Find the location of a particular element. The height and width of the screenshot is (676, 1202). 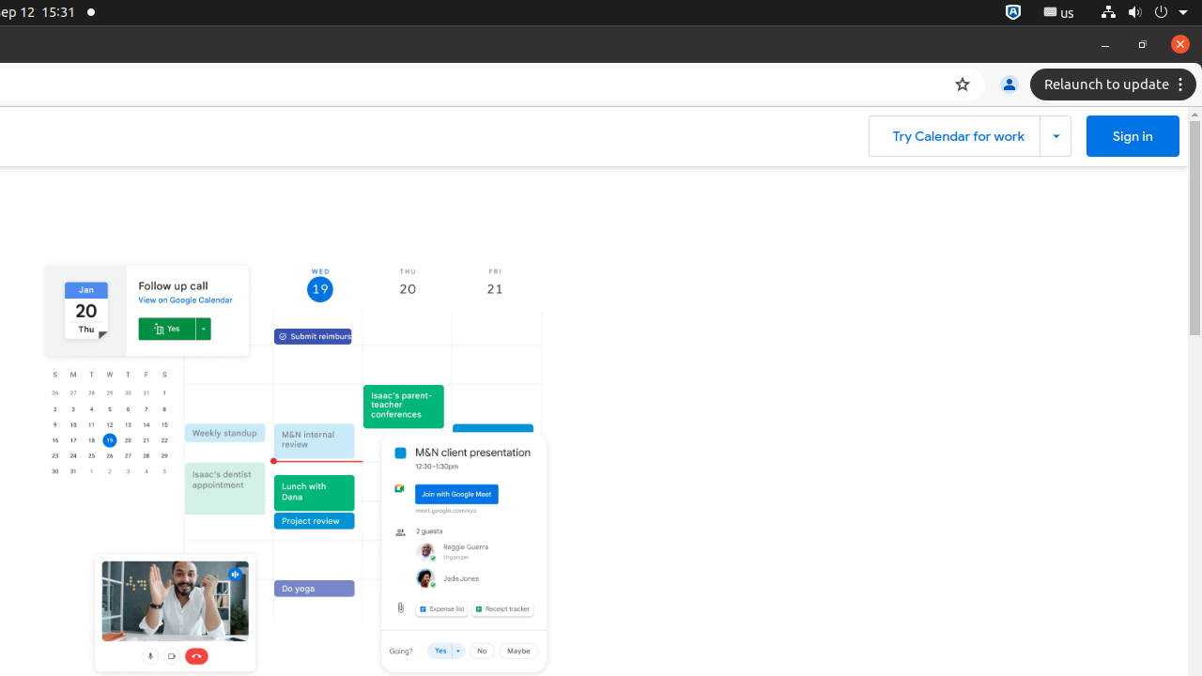

':1.21/StatusNotifierItem' is located at coordinates (1058, 12).